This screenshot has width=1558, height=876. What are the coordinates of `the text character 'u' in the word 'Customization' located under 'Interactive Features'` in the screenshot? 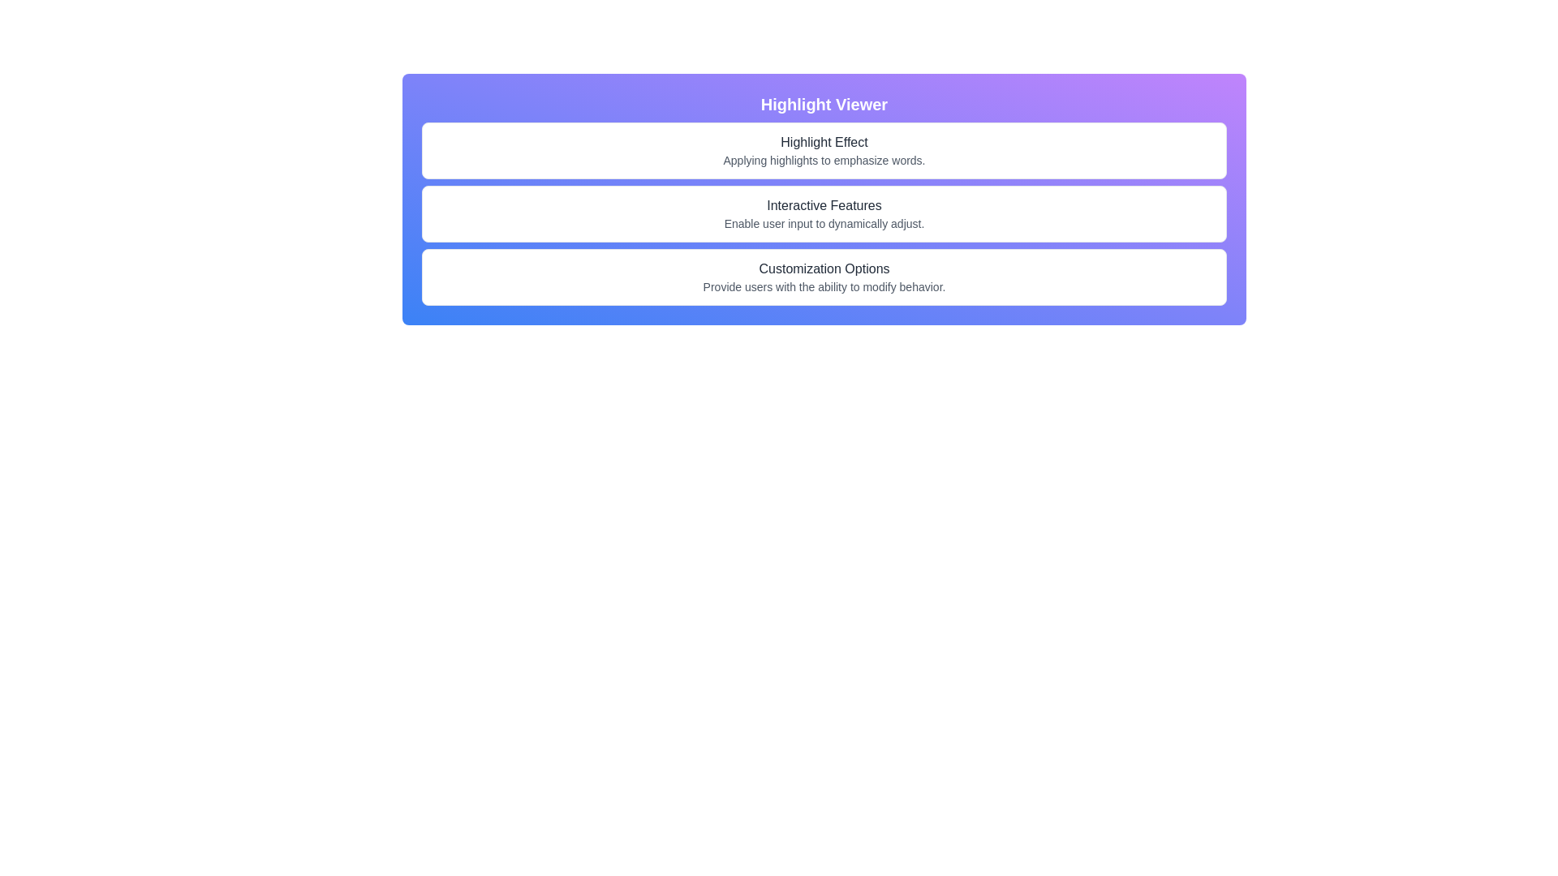 It's located at (771, 268).